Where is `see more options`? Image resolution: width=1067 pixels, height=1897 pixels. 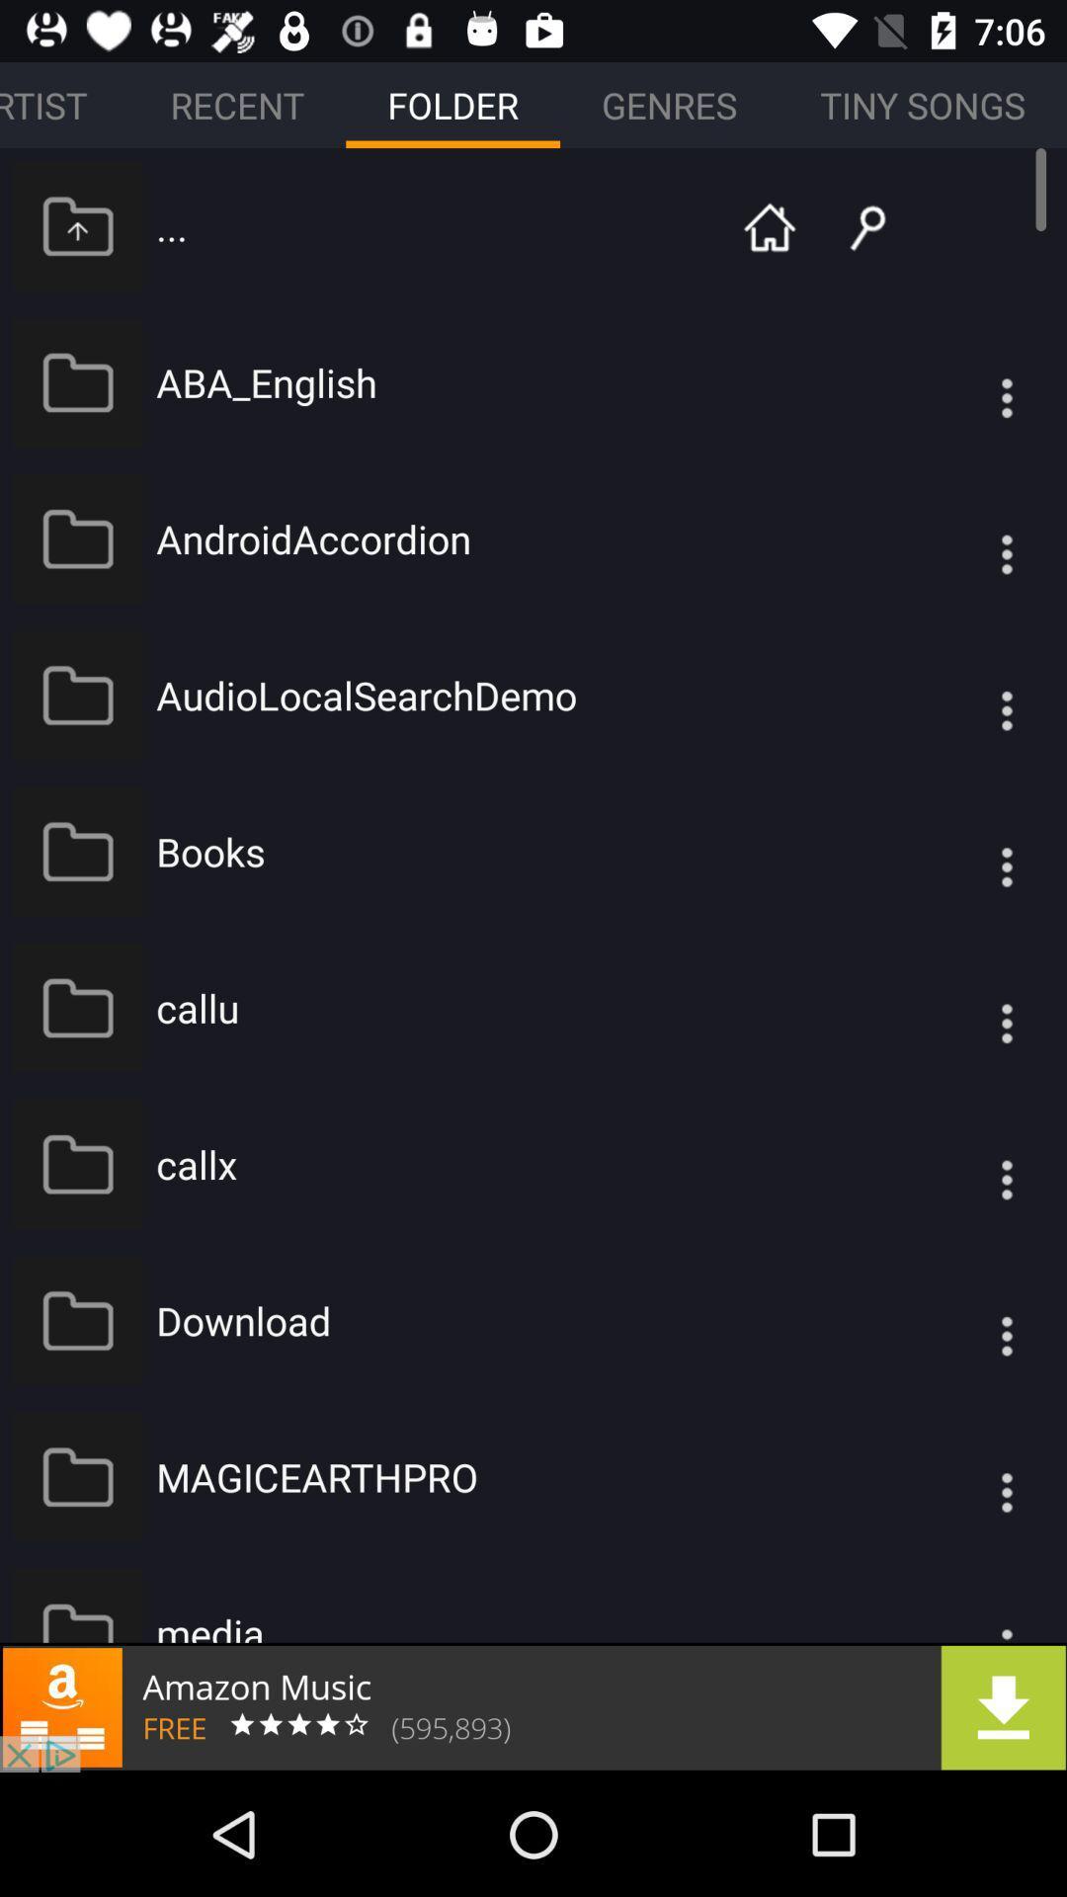 see more options is located at coordinates (966, 695).